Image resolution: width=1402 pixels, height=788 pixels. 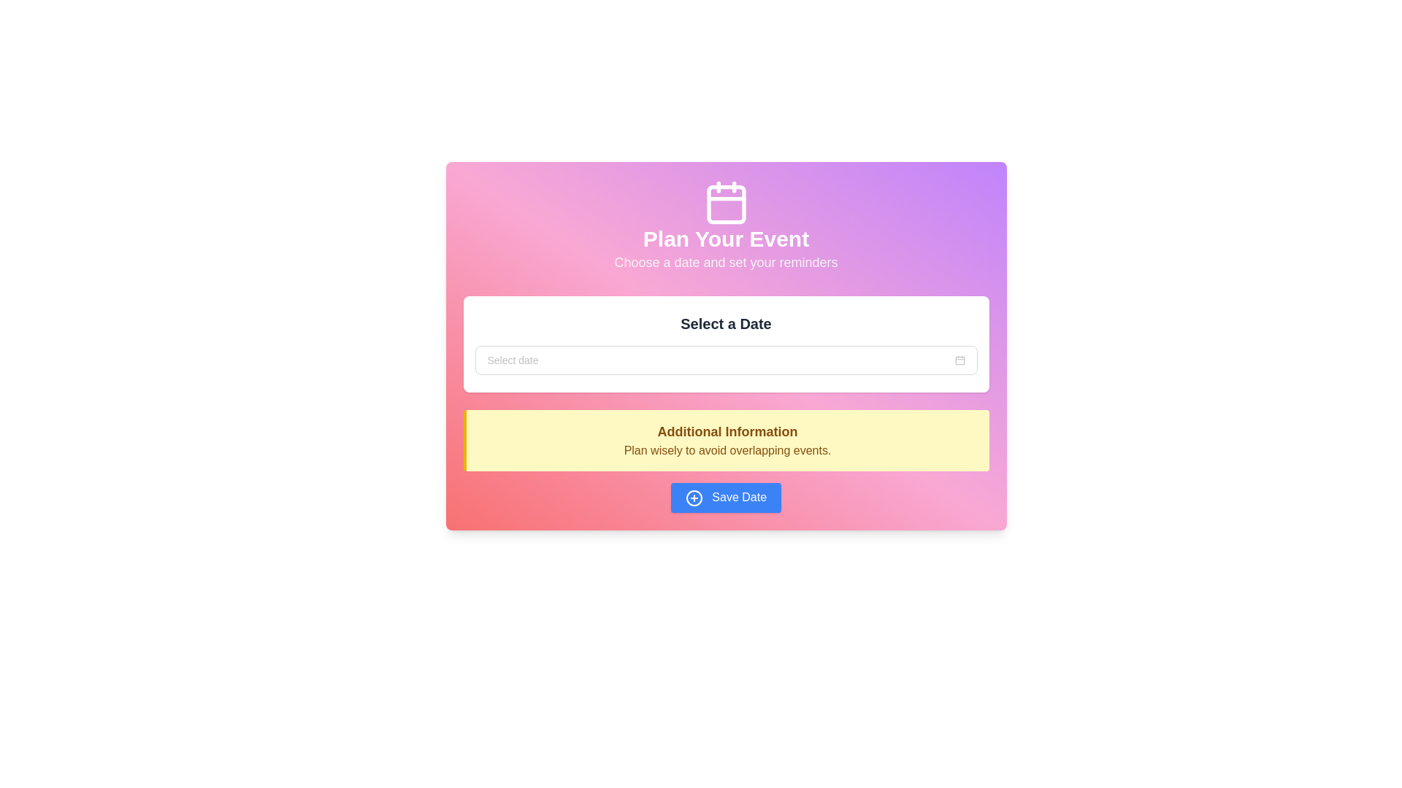 I want to click on the informational banner located above the blue 'Save Date' button in the lower part of the main card interface, so click(x=726, y=461).